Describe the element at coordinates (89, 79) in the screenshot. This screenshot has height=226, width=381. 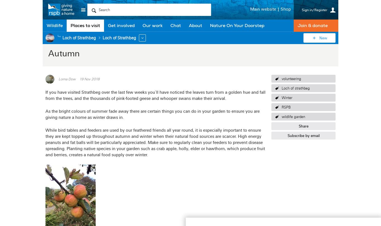
I see `'19 Nov 2018'` at that location.